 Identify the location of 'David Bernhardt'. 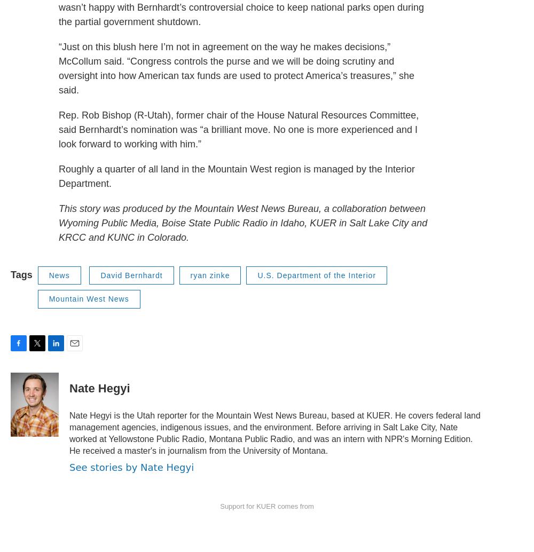
(131, 274).